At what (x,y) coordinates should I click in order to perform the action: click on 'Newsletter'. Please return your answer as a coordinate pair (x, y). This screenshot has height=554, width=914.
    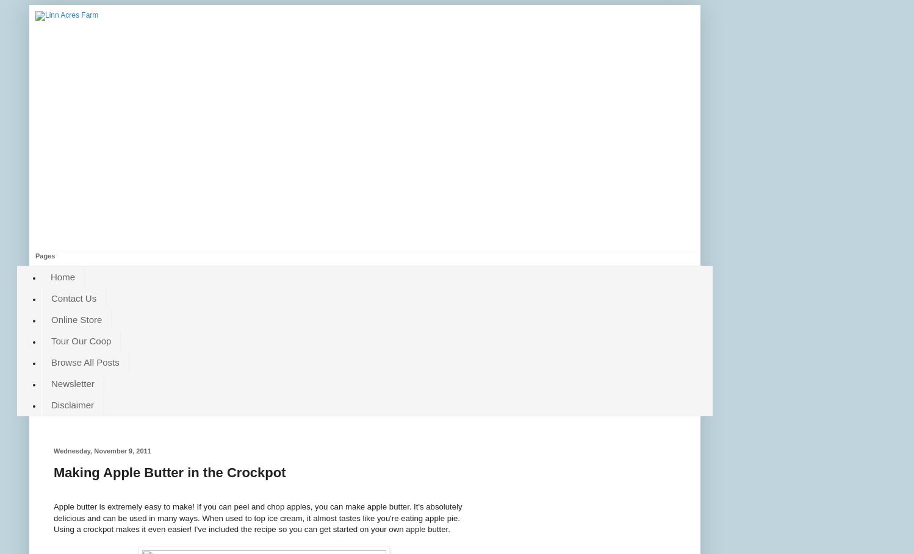
    Looking at the image, I should click on (51, 383).